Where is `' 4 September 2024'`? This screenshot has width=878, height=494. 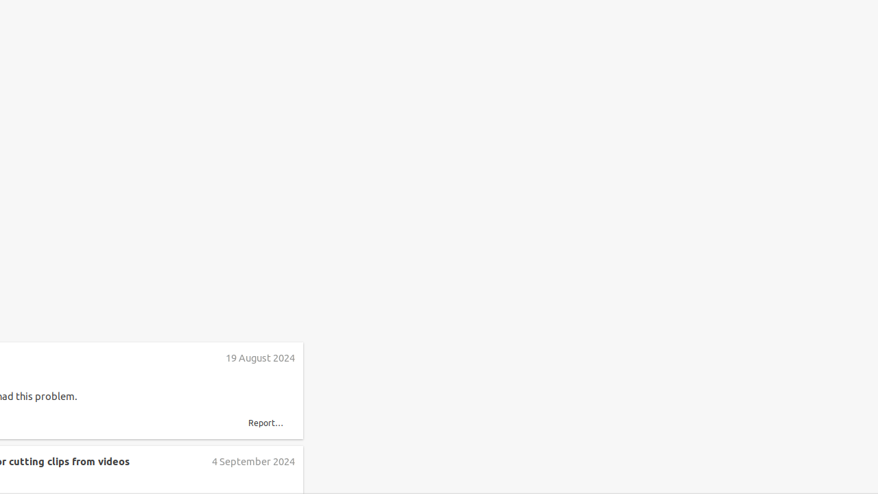
' 4 September 2024' is located at coordinates (252, 461).